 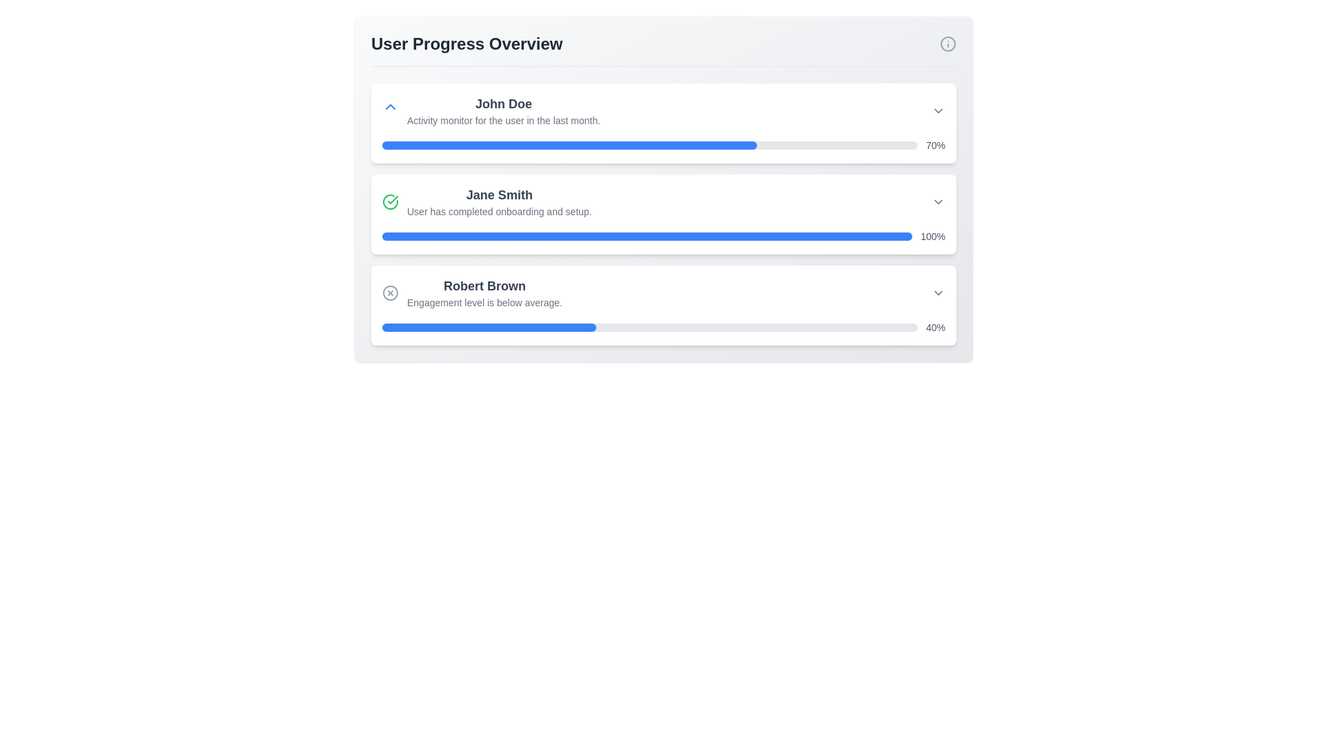 What do you see at coordinates (392, 199) in the screenshot?
I see `the checkmark icon inside the circular badge next to the text 'Jane Smith' on the second card in the 'User Progress Overview' section` at bounding box center [392, 199].